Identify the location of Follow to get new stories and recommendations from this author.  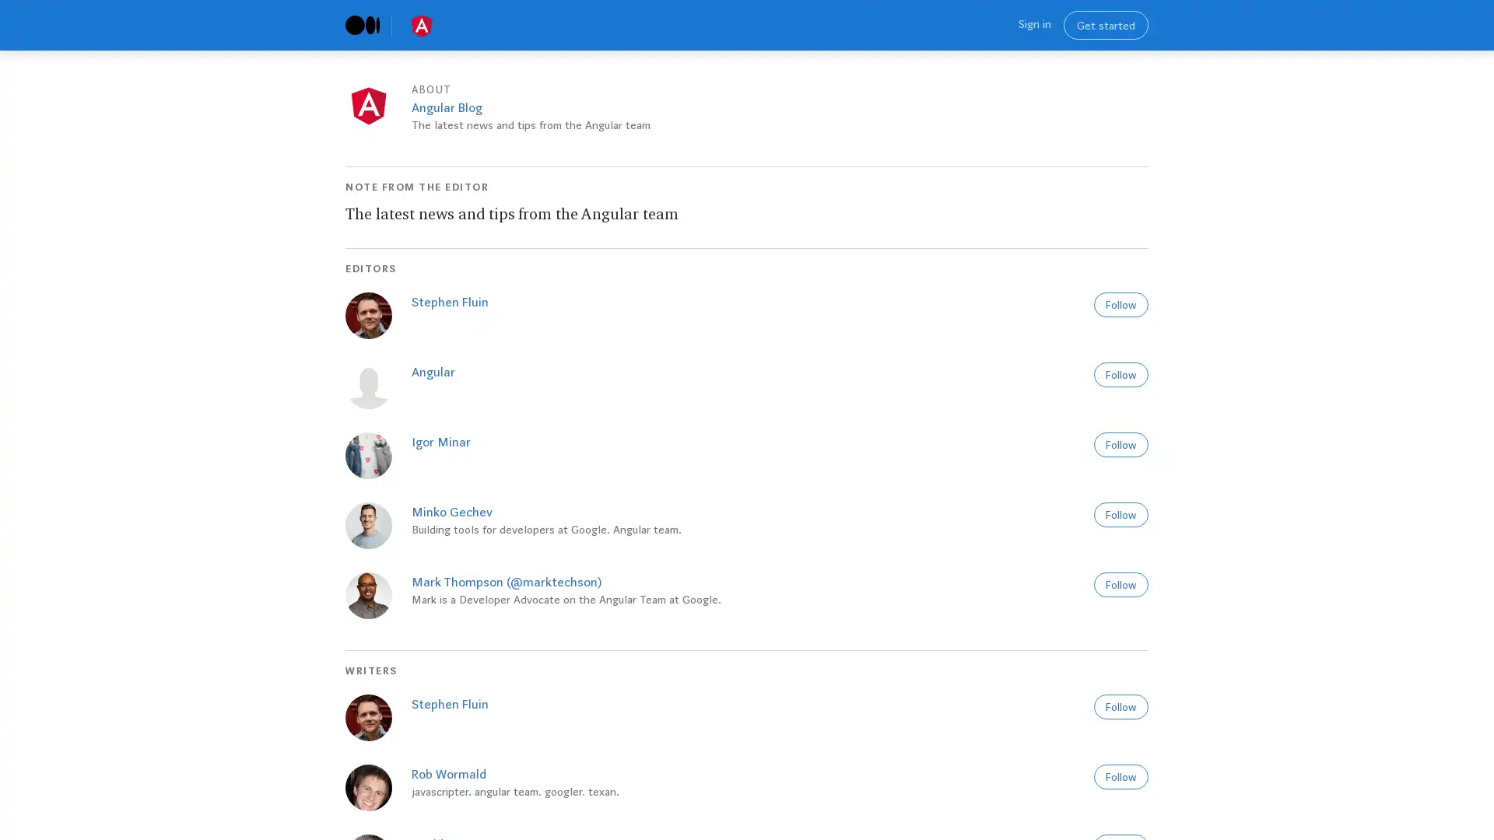
(1120, 443).